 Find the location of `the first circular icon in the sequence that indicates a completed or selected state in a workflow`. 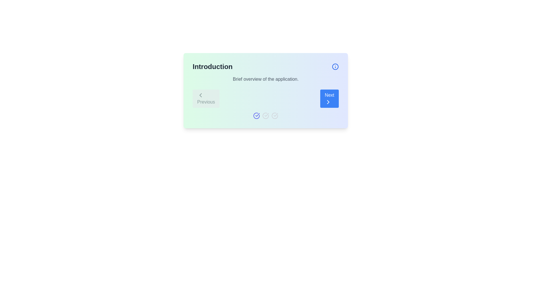

the first circular icon in the sequence that indicates a completed or selected state in a workflow is located at coordinates (256, 116).